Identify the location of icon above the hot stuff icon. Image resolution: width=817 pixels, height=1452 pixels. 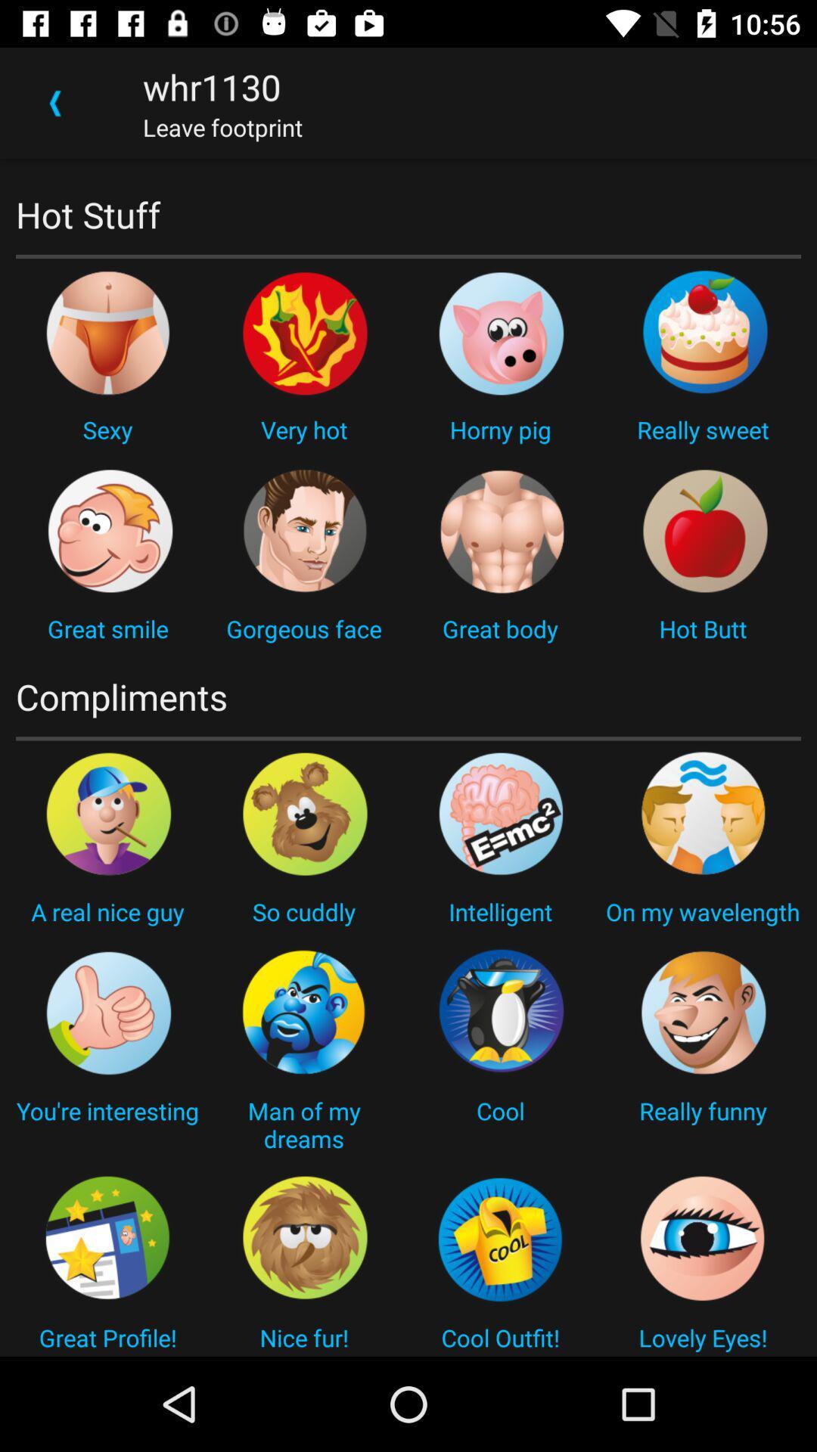
(54, 102).